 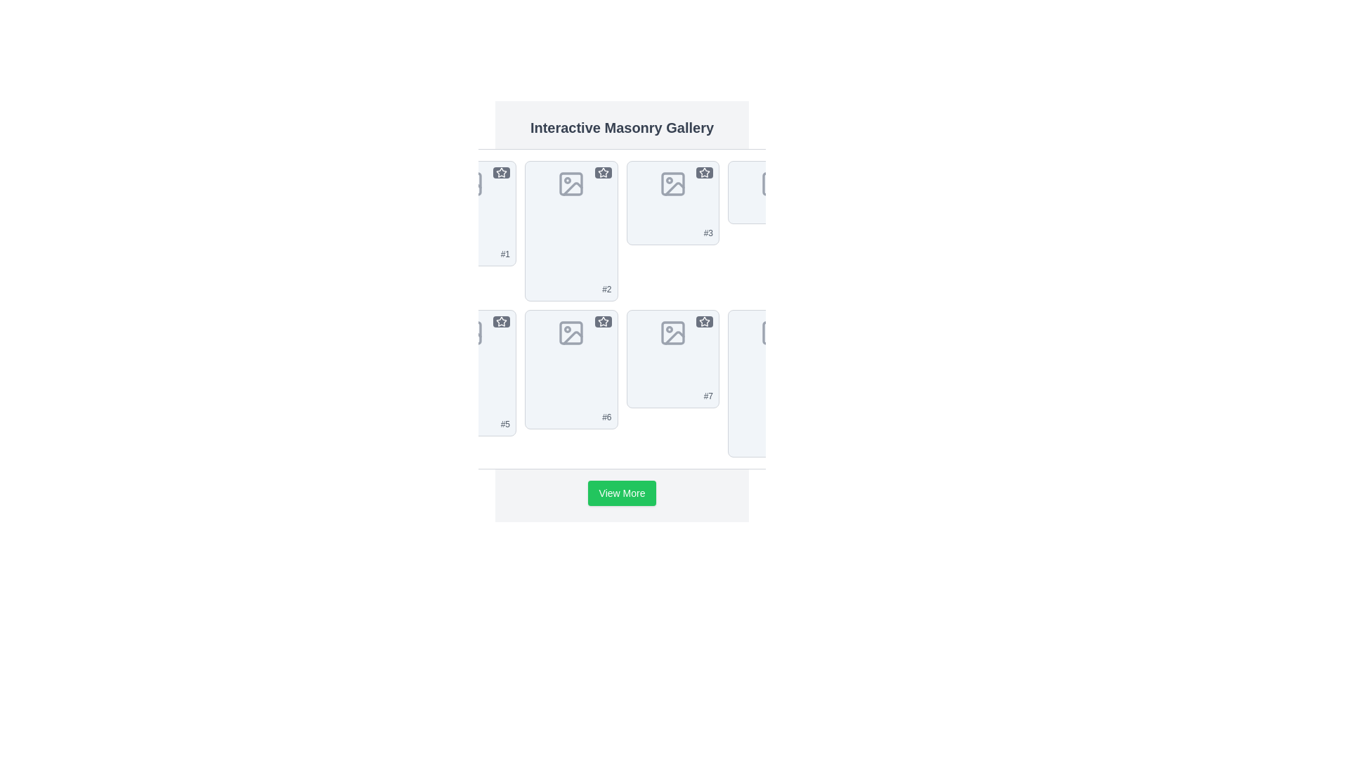 I want to click on the star-shaped icon button with a gray background and white outline, so click(x=705, y=322).